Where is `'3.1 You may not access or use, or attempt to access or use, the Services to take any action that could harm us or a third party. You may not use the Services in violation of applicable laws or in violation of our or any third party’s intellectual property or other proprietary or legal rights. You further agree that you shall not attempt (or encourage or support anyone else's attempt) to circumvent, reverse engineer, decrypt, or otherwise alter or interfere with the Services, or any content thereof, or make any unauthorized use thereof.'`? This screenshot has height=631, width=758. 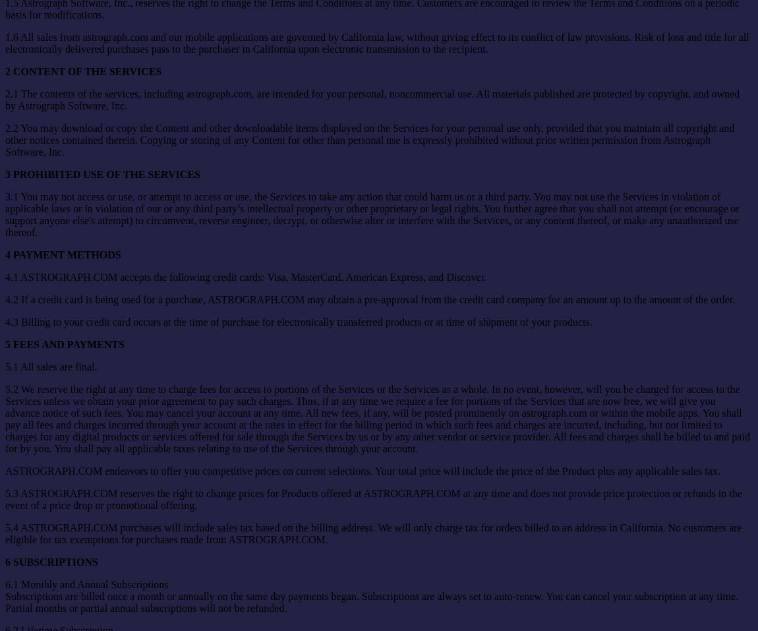
'3.1 You may not access or use, or attempt to access or use, the Services to take any action that could harm us or a third party. You may not use the Services in violation of applicable laws or in violation of our or any third party’s intellectual property or other proprietary or legal rights. You further agree that you shall not attempt (or encourage or support anyone else's attempt) to circumvent, reverse engineer, decrypt, or otherwise alter or interfere with the Services, or any content thereof, or make any unauthorized use thereof.' is located at coordinates (372, 214).